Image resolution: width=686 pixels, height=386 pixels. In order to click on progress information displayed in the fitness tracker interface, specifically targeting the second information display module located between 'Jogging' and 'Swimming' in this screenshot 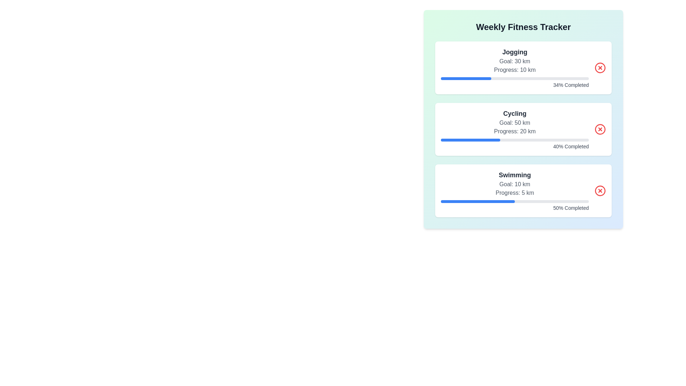, I will do `click(514, 129)`.